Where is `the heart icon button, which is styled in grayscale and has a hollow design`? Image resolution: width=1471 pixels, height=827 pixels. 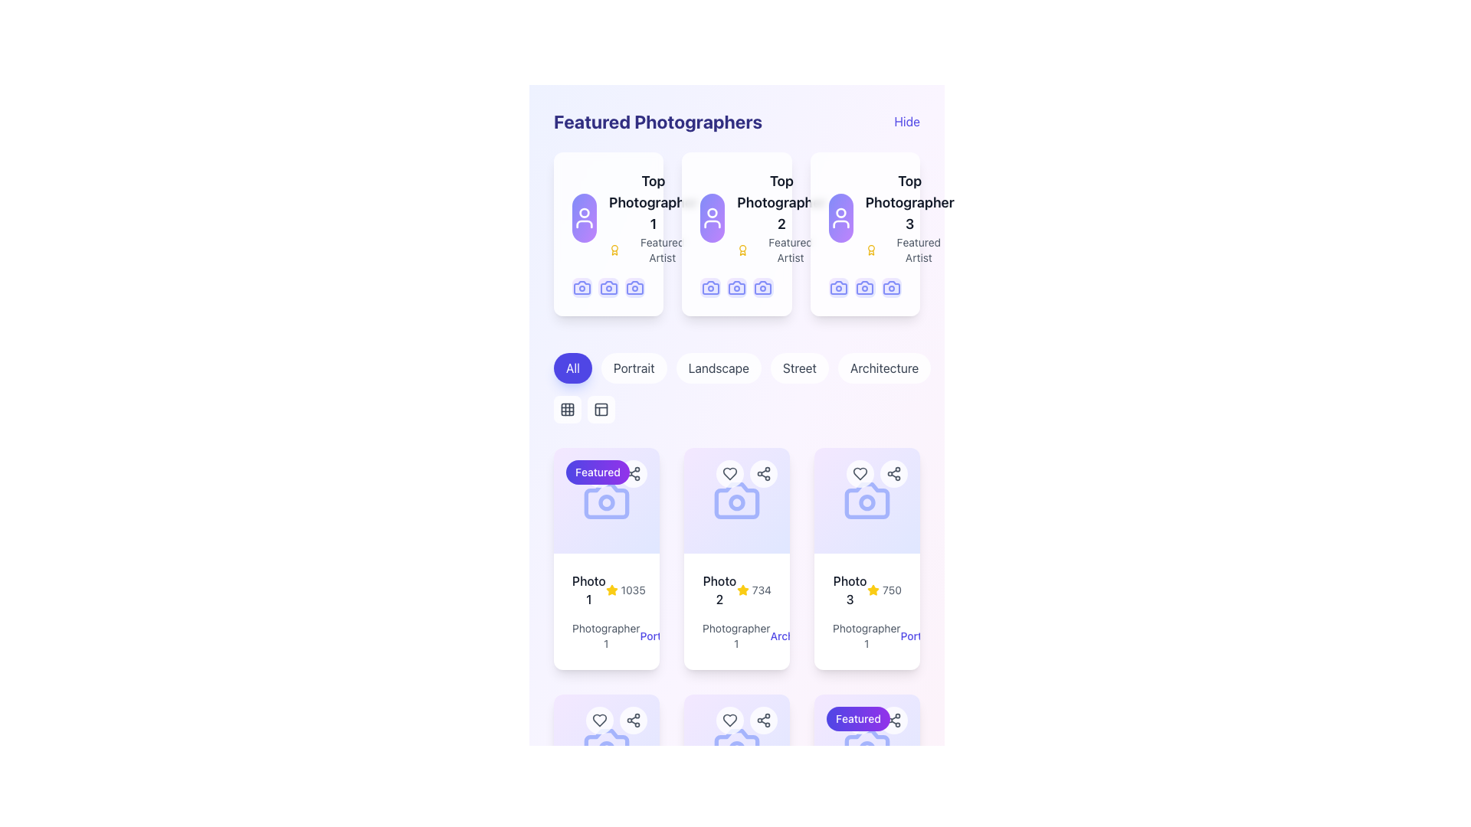
the heart icon button, which is styled in grayscale and has a hollow design is located at coordinates (860, 472).